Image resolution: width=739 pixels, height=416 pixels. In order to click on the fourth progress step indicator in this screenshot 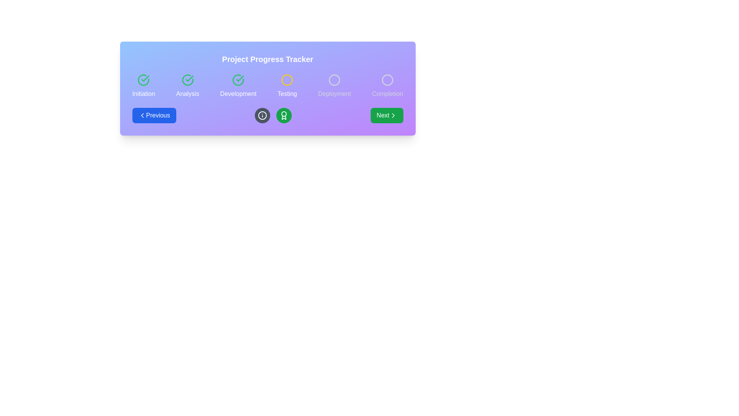, I will do `click(287, 86)`.